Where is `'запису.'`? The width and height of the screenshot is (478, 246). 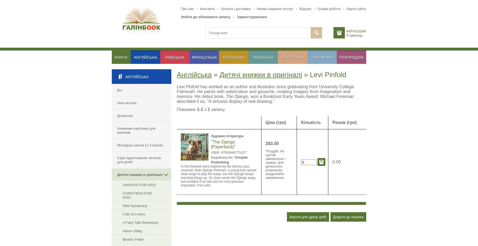
'запису.' is located at coordinates (218, 109).